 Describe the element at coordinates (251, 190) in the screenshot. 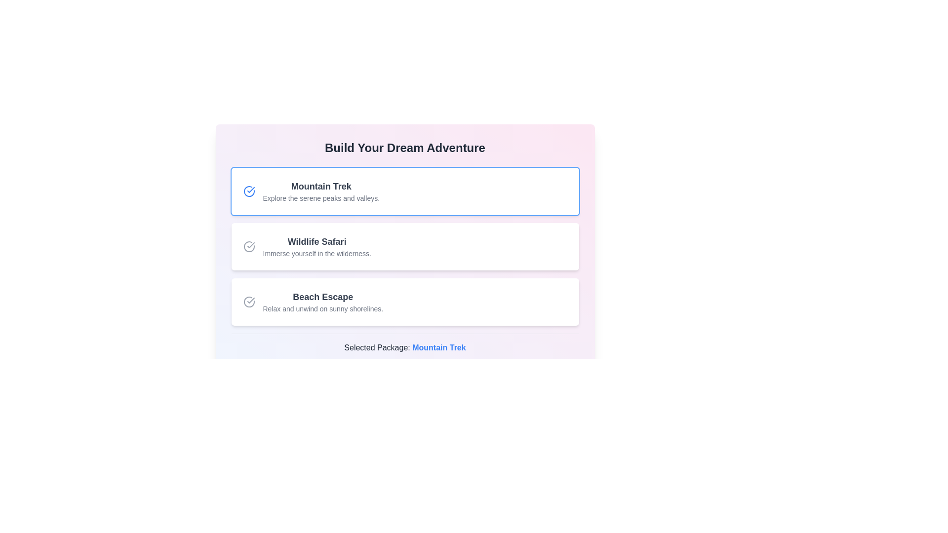

I see `the checkmark icon within the blue circular badge that indicates selection for the 'Mountain Trek' list item located in the top-left corner of the list under the heading 'Build Your Dream Adventure'` at that location.